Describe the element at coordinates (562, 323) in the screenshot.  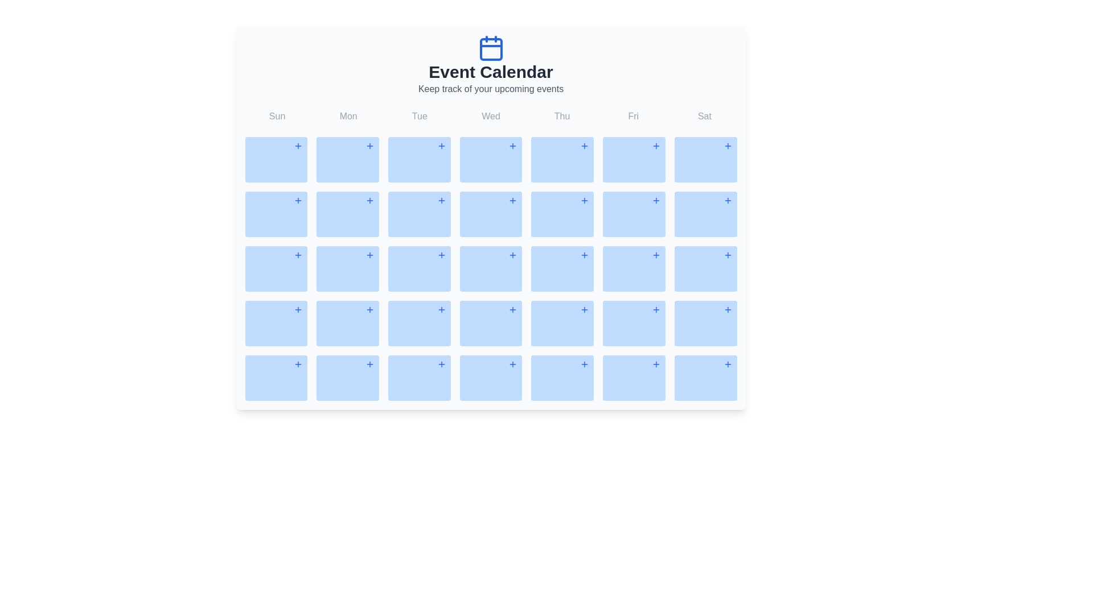
I see `the Calendar day cell located in the sixth row and fourth column of the calendar view` at that location.